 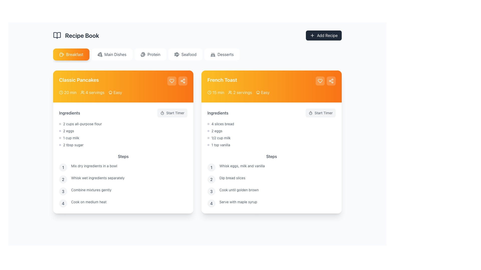 What do you see at coordinates (222, 124) in the screenshot?
I see `the static text element reading '4 slices bread' which is styled in gray and located in the 'Ingredients' section of the 'French Toast' card` at bounding box center [222, 124].